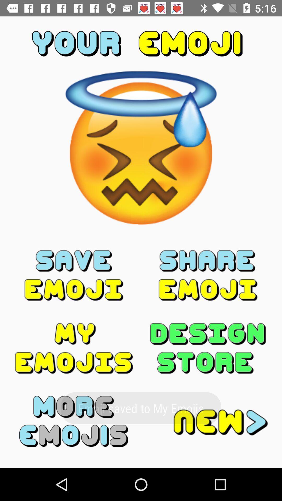 The image size is (282, 501). I want to click on show saved emojis, so click(74, 348).